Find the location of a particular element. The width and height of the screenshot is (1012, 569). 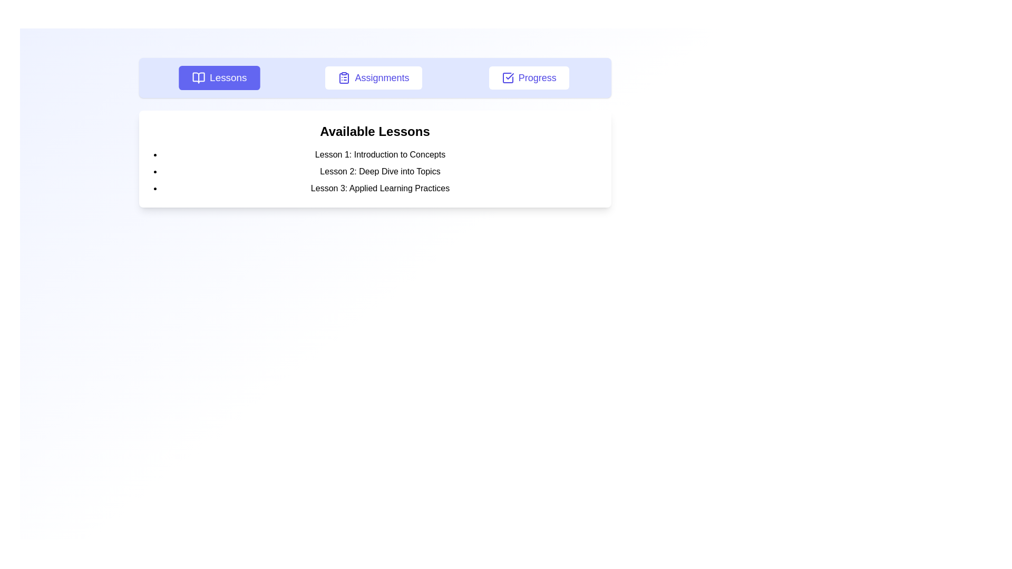

keyboard navigation is located at coordinates (344, 78).